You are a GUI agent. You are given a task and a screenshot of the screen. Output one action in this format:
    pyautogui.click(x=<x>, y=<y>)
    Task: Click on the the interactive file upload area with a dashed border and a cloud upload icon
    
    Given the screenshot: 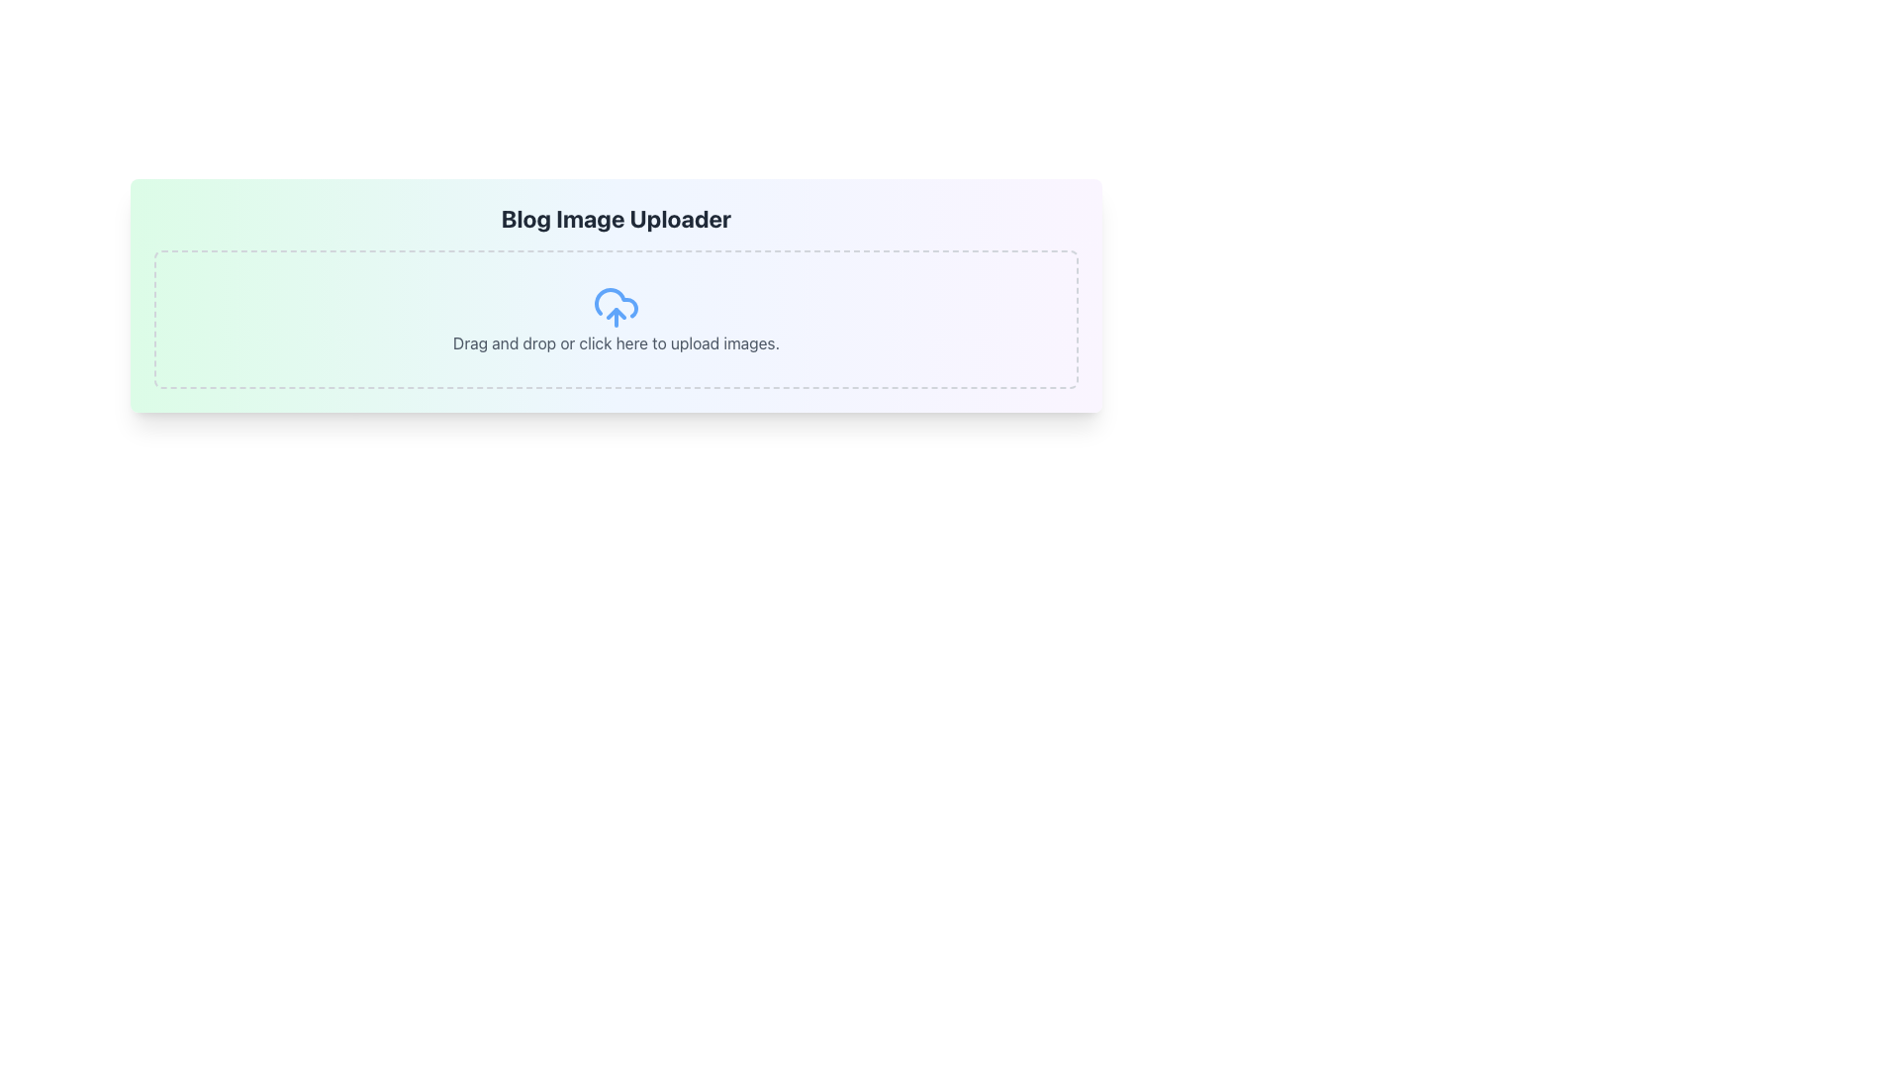 What is the action you would take?
    pyautogui.click(x=616, y=319)
    